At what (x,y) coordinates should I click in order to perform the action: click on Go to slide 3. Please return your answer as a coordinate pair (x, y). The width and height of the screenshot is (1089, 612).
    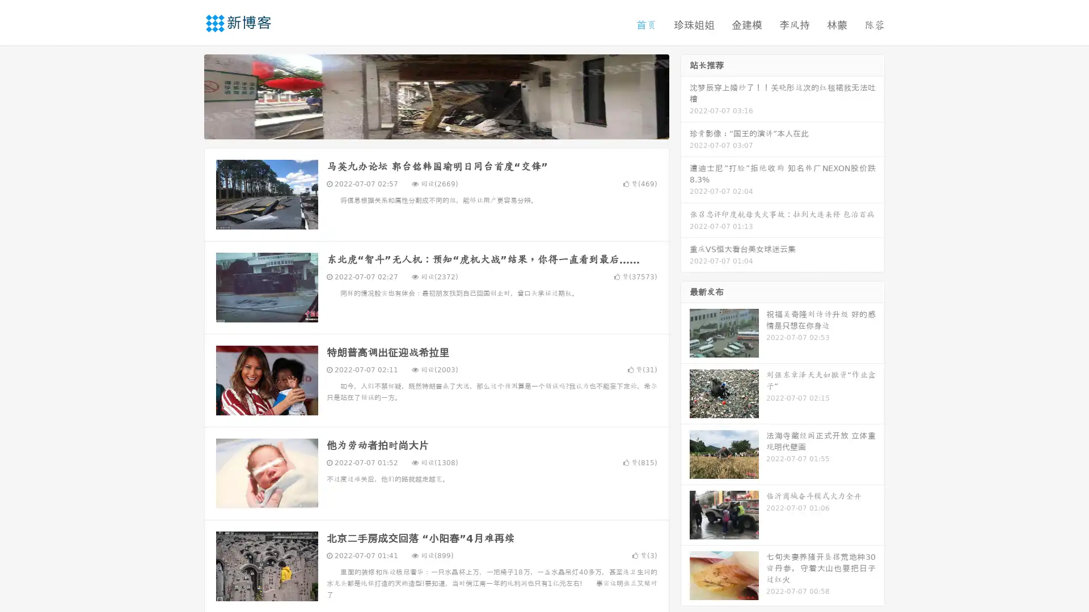
    Looking at the image, I should click on (448, 127).